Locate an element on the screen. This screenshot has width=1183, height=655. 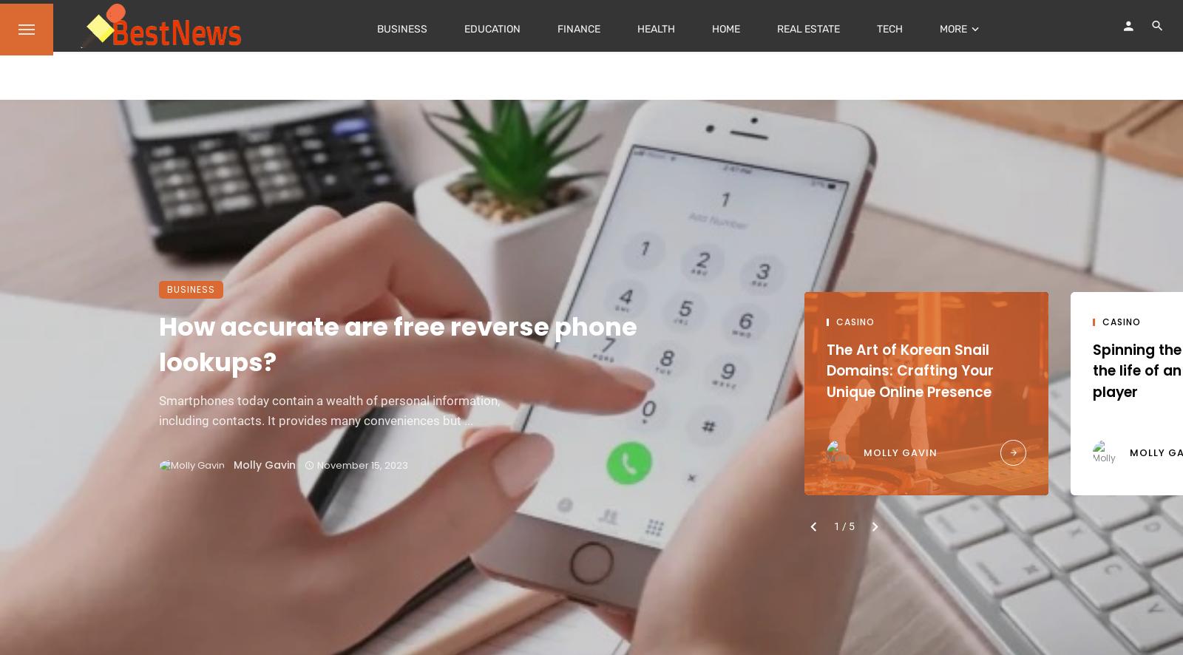
'1' is located at coordinates (838, 526).